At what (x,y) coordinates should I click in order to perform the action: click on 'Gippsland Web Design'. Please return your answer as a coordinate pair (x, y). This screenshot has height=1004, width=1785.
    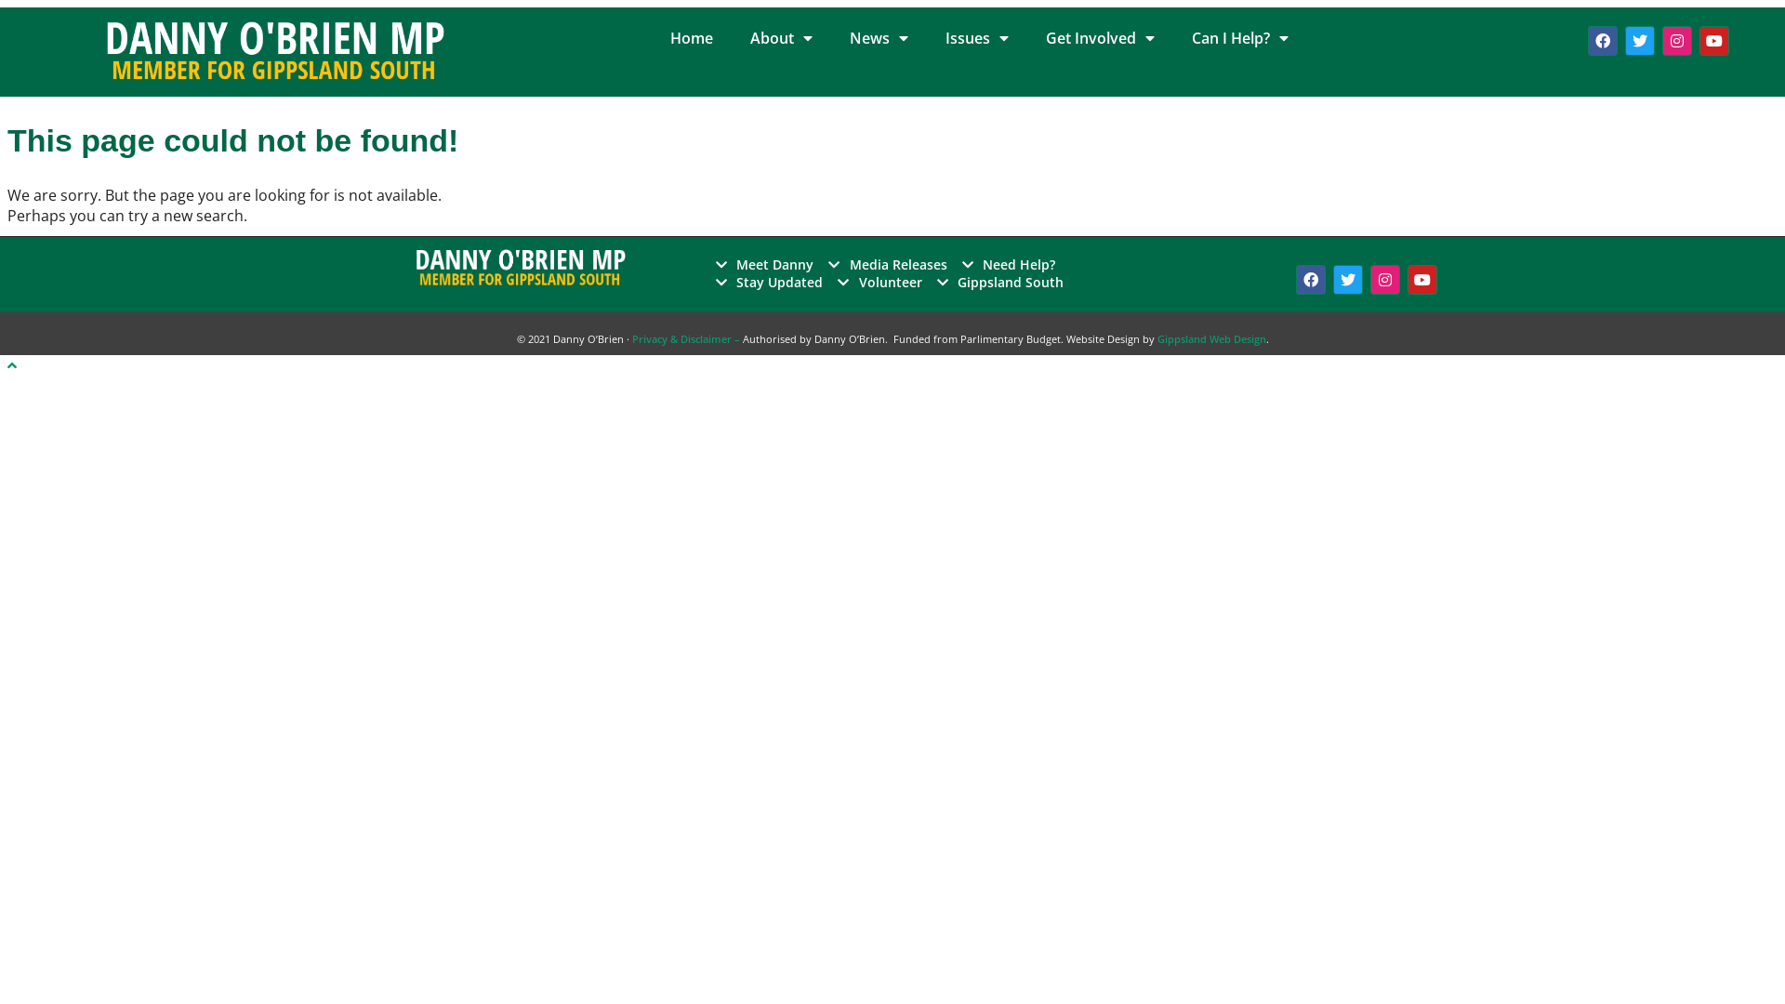
    Looking at the image, I should click on (1155, 338).